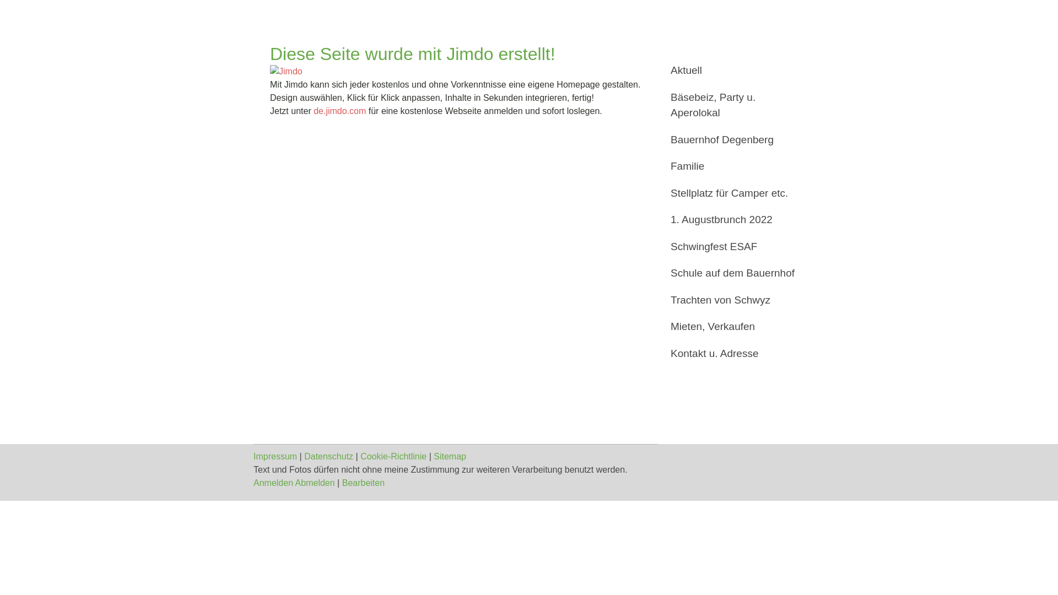  I want to click on 'Mieten, Verkaufen', so click(732, 326).